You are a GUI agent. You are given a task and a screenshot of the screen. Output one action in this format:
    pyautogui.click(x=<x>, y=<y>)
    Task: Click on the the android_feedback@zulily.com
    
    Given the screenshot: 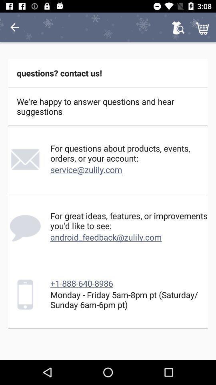 What is the action you would take?
    pyautogui.click(x=106, y=237)
    